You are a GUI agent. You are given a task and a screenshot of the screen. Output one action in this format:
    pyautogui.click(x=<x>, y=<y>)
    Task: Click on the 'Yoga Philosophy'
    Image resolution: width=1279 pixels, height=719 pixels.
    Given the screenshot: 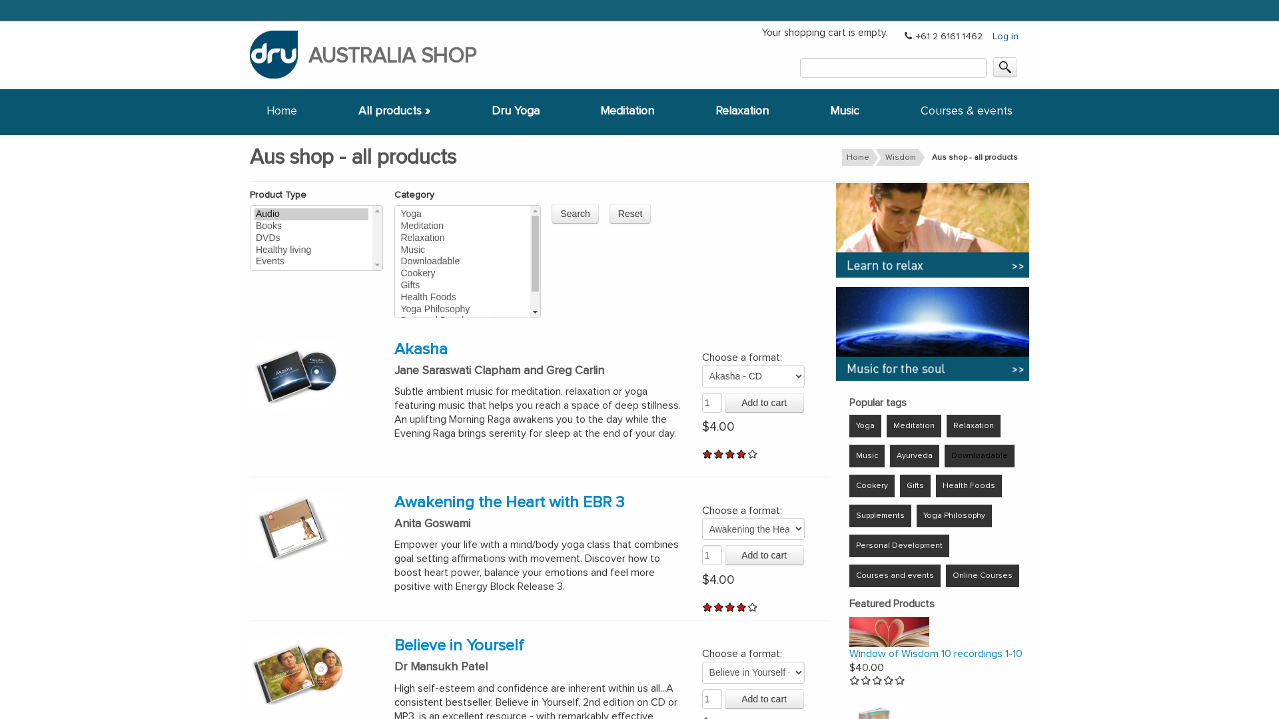 What is the action you would take?
    pyautogui.click(x=953, y=515)
    